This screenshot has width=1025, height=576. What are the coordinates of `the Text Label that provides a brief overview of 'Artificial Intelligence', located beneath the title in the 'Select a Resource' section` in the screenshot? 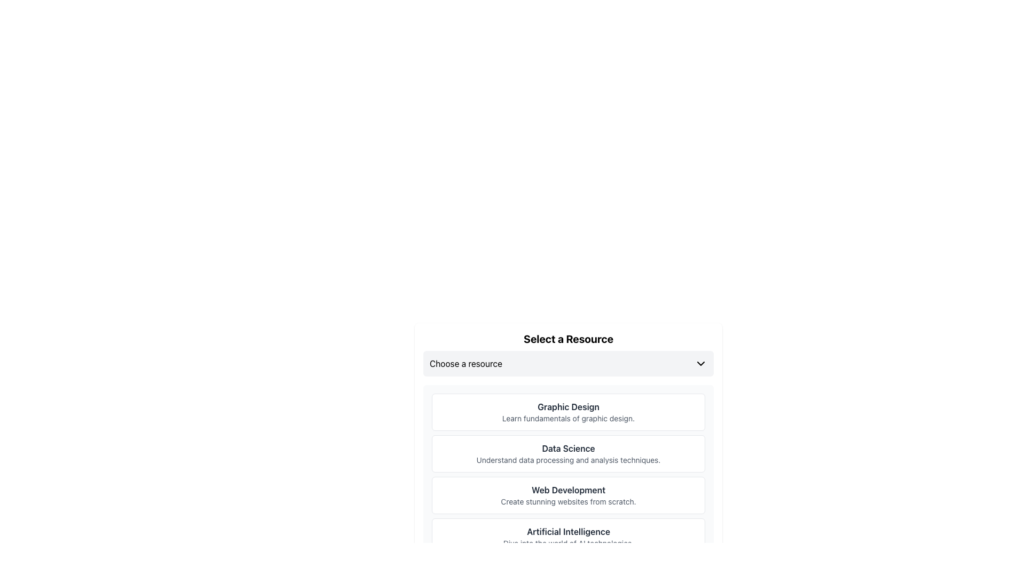 It's located at (568, 543).